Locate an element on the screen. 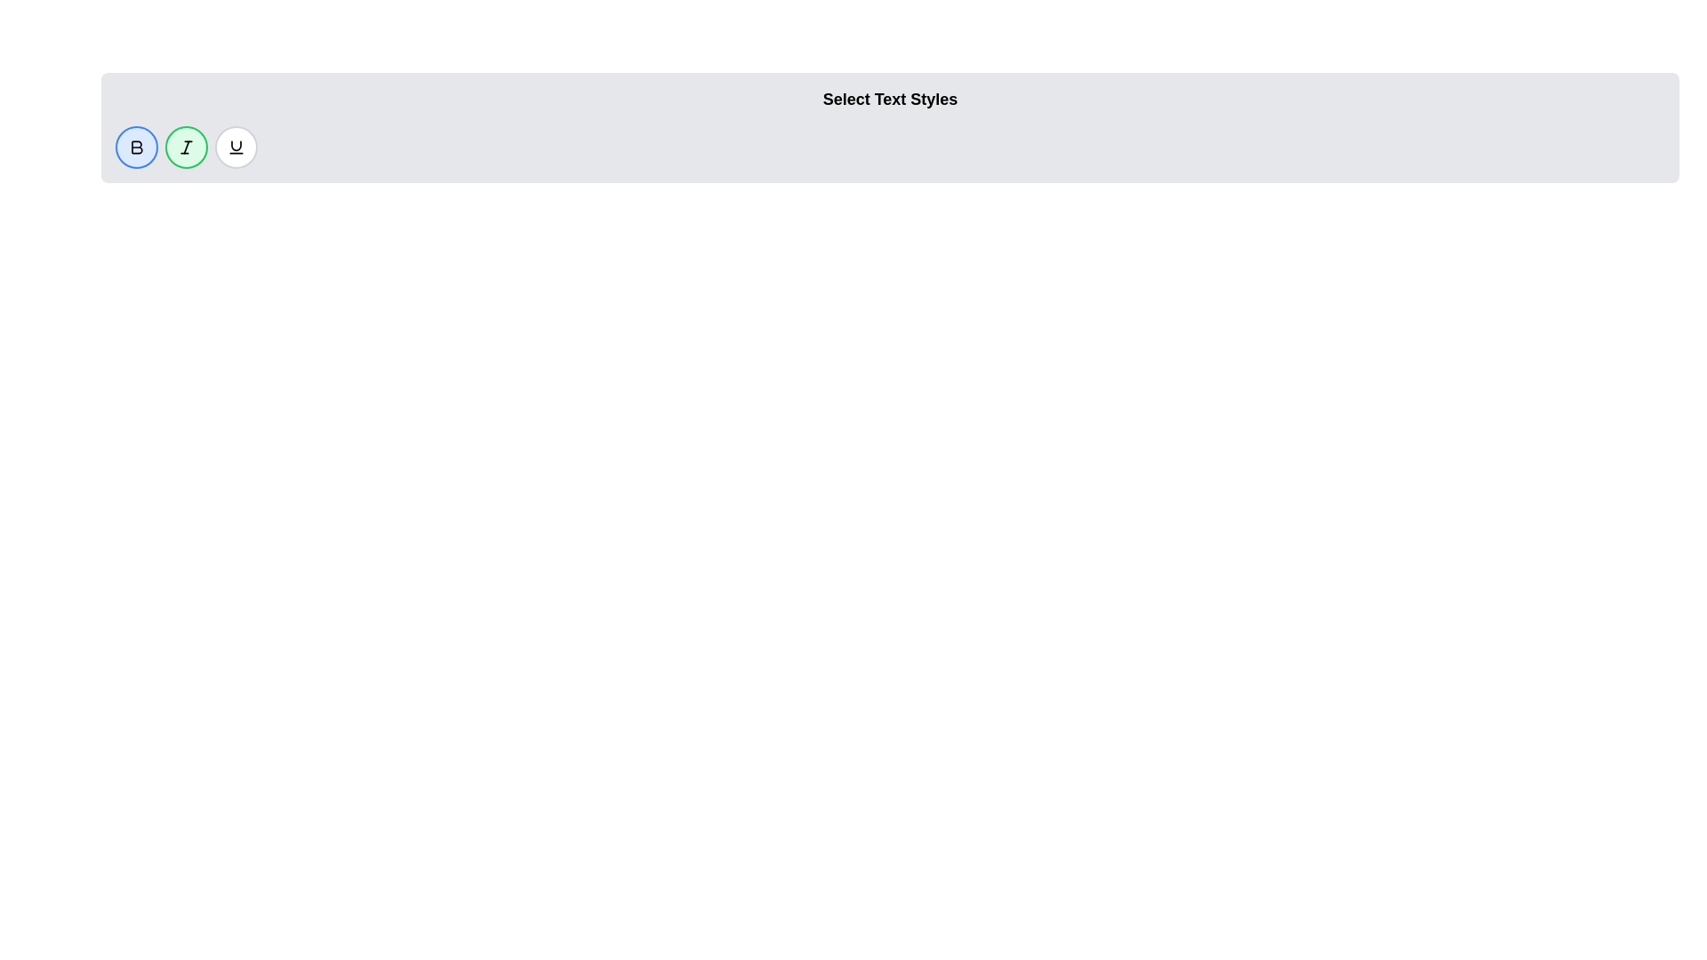 Image resolution: width=1707 pixels, height=960 pixels. the circular button with a green background and an italic 'I' icon is located at coordinates (187, 146).